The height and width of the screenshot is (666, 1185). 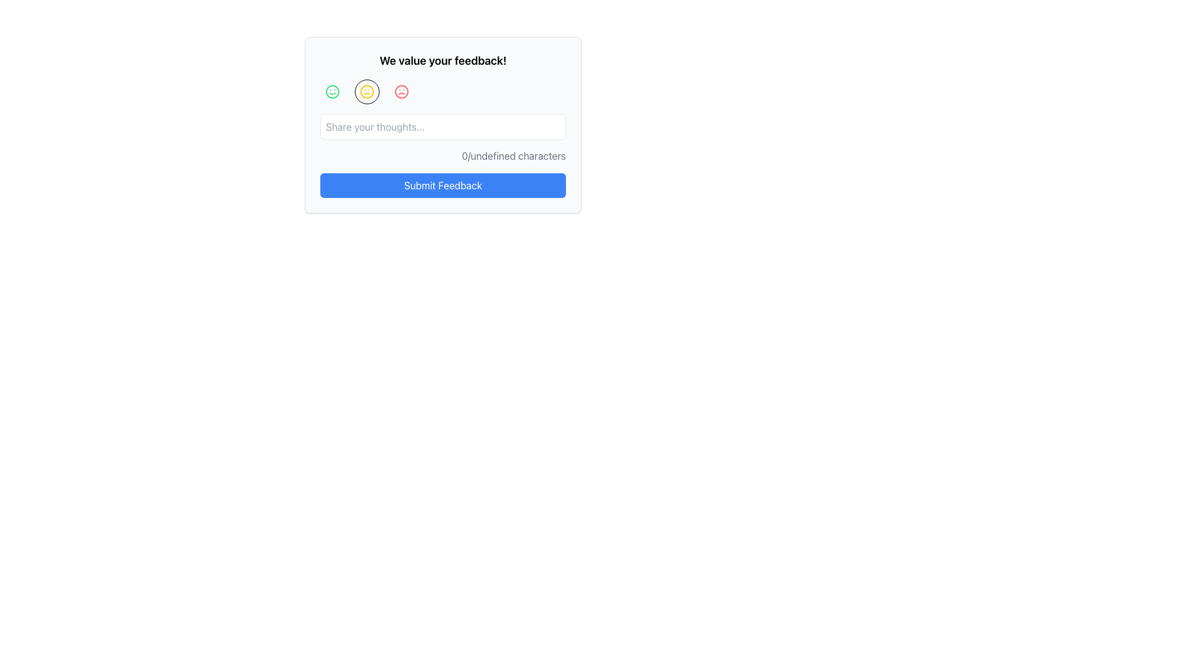 What do you see at coordinates (402, 91) in the screenshot?
I see `the circular SVG graphic representing the outline of a sad feedback icon, which is the third icon in the horizontal sequence of feedback icons` at bounding box center [402, 91].